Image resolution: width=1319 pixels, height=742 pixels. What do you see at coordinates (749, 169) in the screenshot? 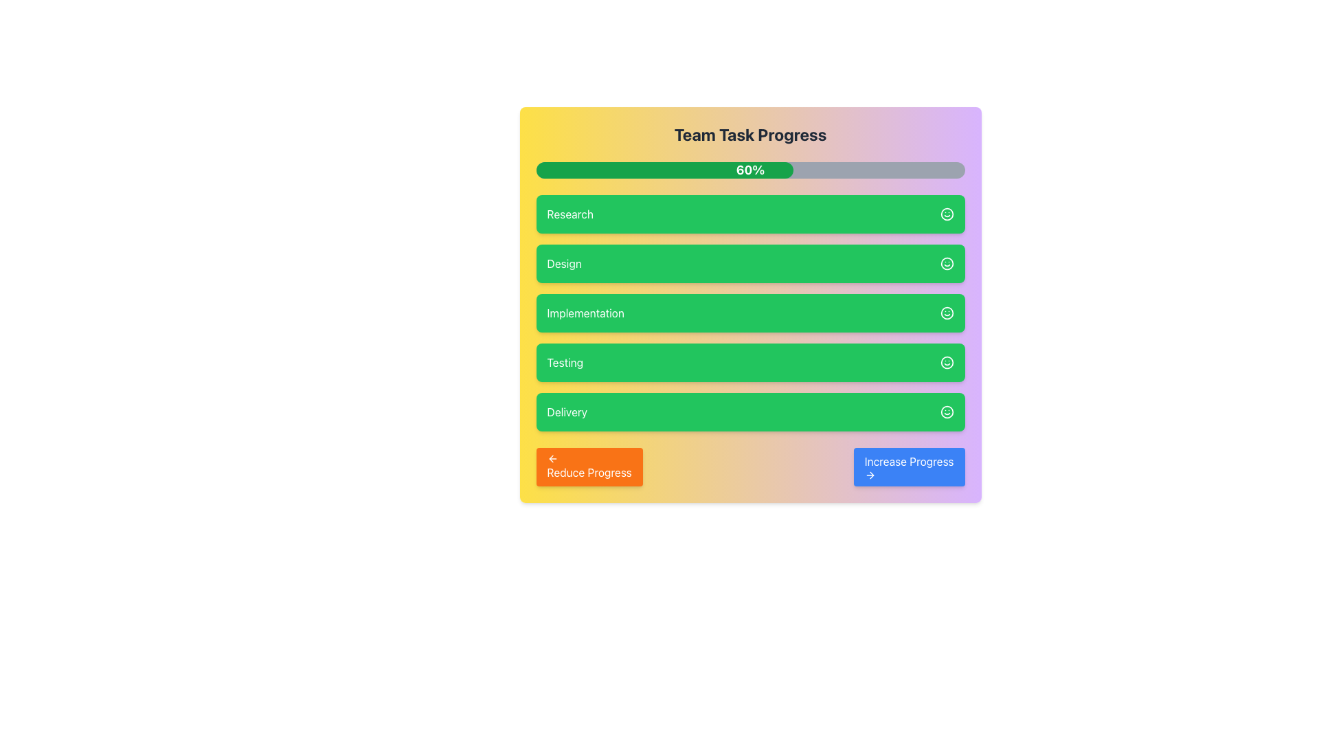
I see `the progress bar indicating 60% completion, which is located below the 'Team Task Progress' heading and features a green fill with '60%' displayed in white text at the center` at bounding box center [749, 169].